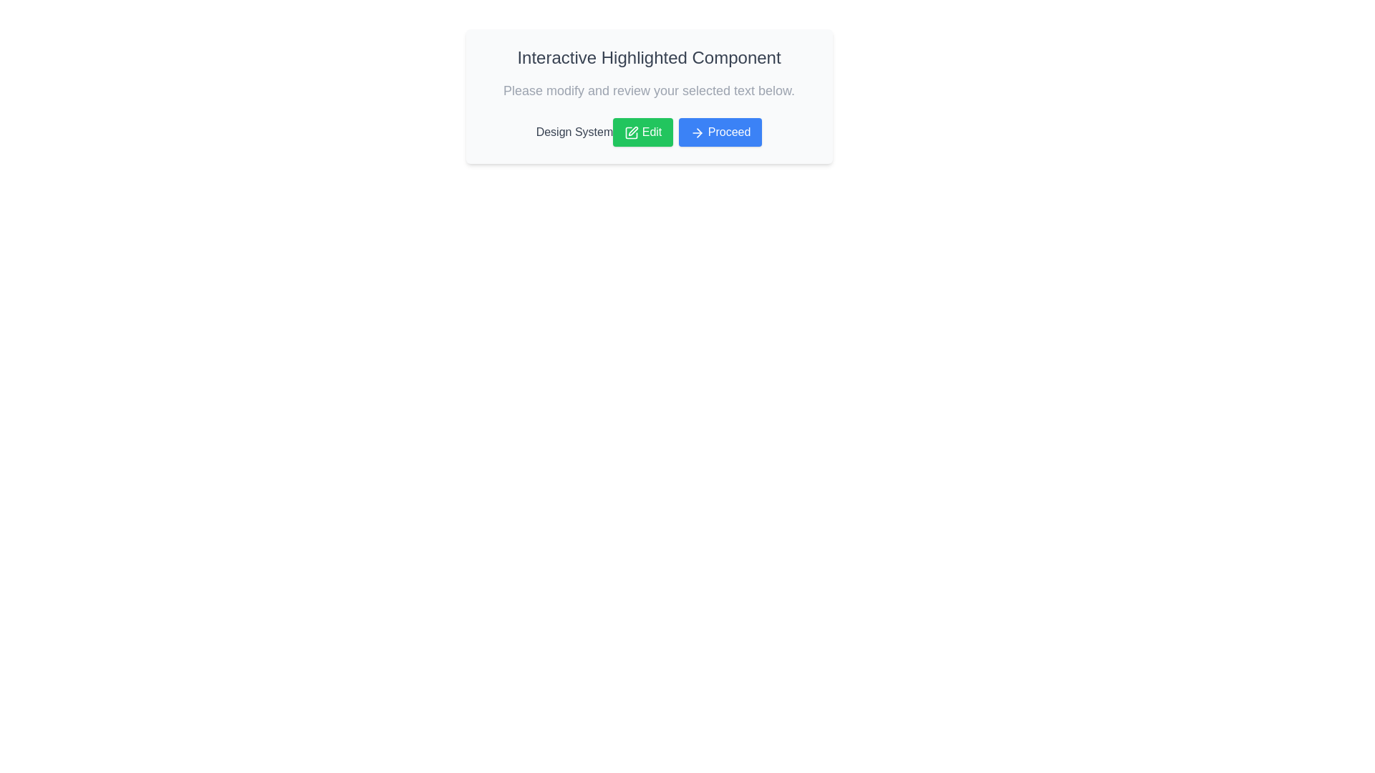  Describe the element at coordinates (574, 132) in the screenshot. I see `the static text element displaying 'Design System', which is located below the heading and subheading in the center panel, to the left of the 'Edit' and 'Proceed' buttons` at that location.